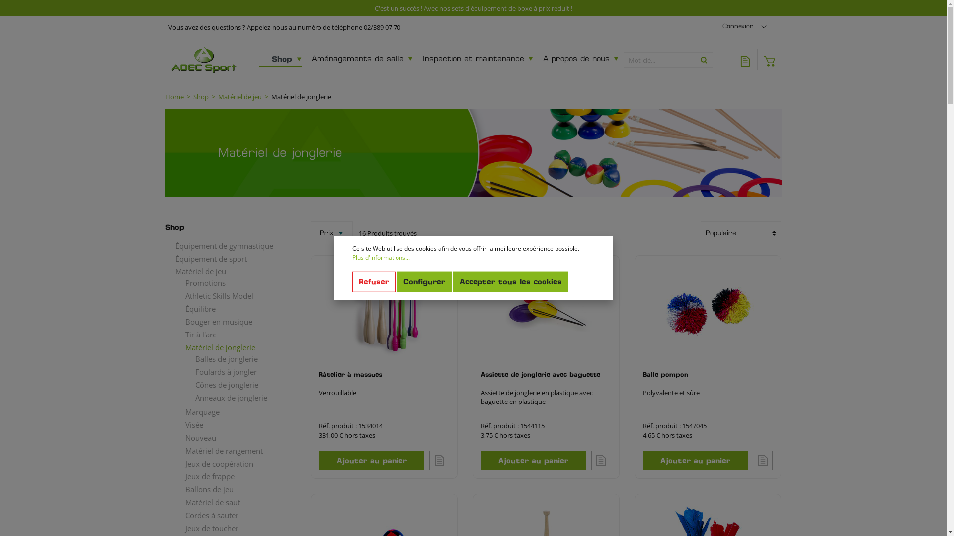 This screenshot has width=954, height=536. What do you see at coordinates (546, 379) in the screenshot?
I see `'Assiette de jonglerie avec baguette'` at bounding box center [546, 379].